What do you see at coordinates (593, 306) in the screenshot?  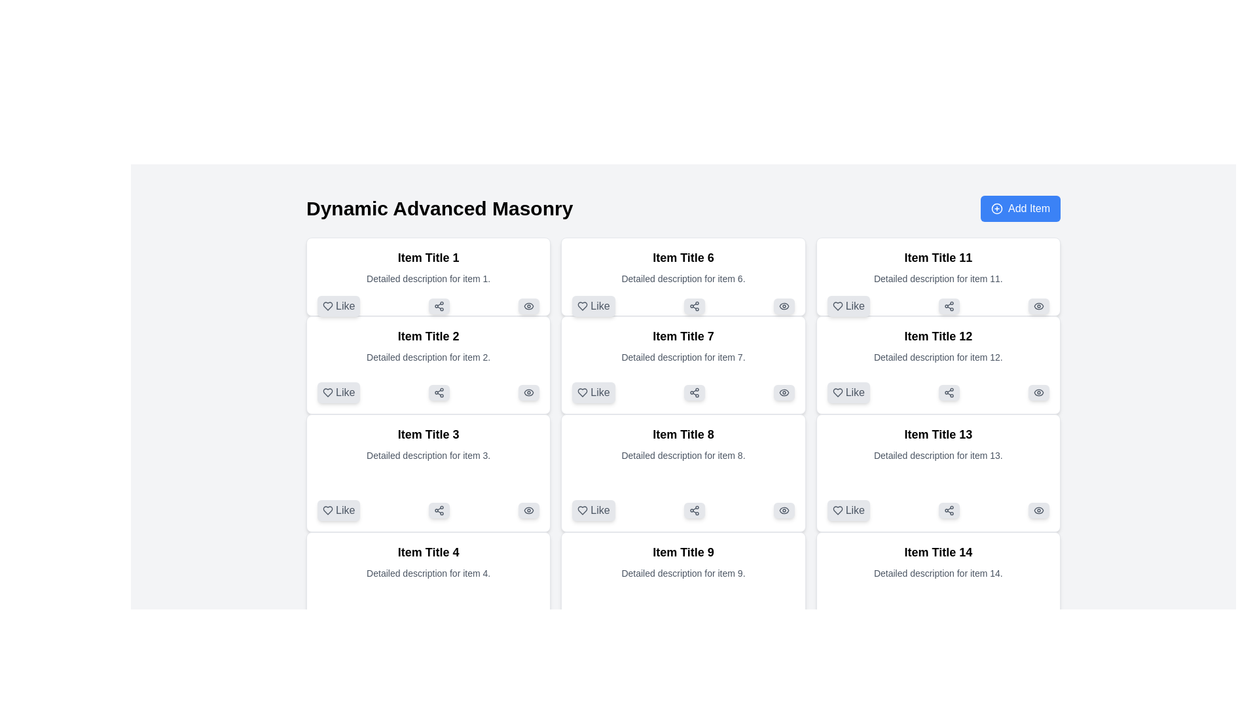 I see `the 'like' button located inside the card titled 'Item Title 6' in the second row and second column of the grid to indicate preference or approval` at bounding box center [593, 306].